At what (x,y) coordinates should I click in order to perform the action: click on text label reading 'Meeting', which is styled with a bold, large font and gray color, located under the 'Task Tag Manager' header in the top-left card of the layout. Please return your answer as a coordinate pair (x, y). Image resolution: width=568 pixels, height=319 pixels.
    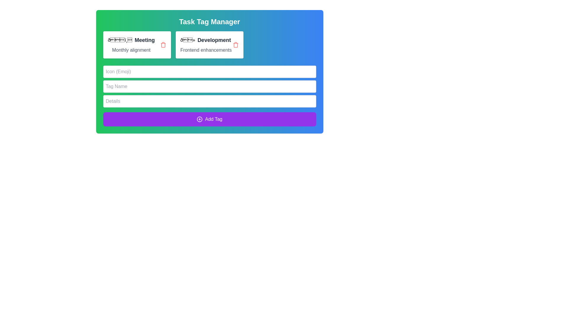
    Looking at the image, I should click on (145, 40).